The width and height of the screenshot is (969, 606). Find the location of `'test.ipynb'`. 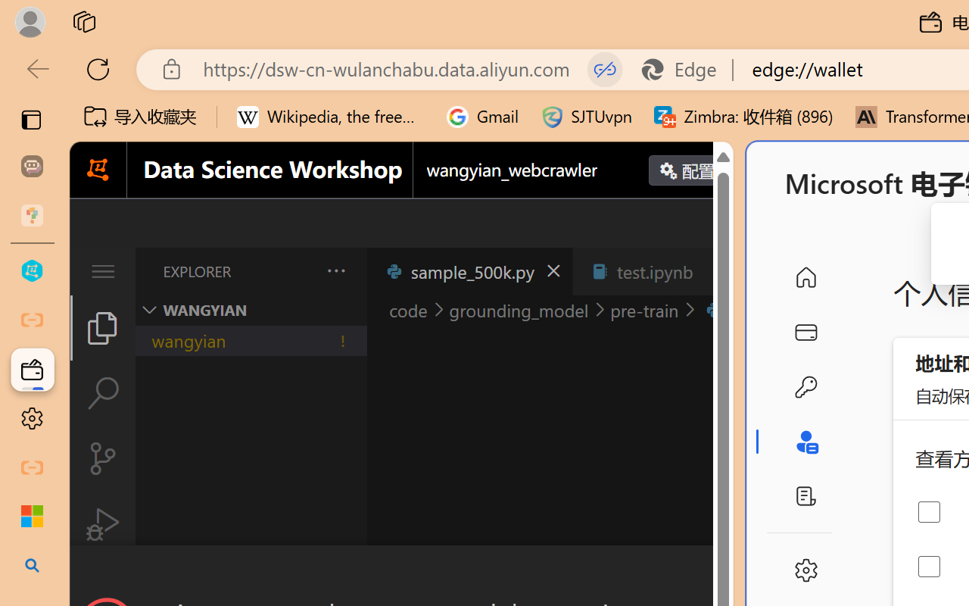

'test.ipynb' is located at coordinates (654, 271).